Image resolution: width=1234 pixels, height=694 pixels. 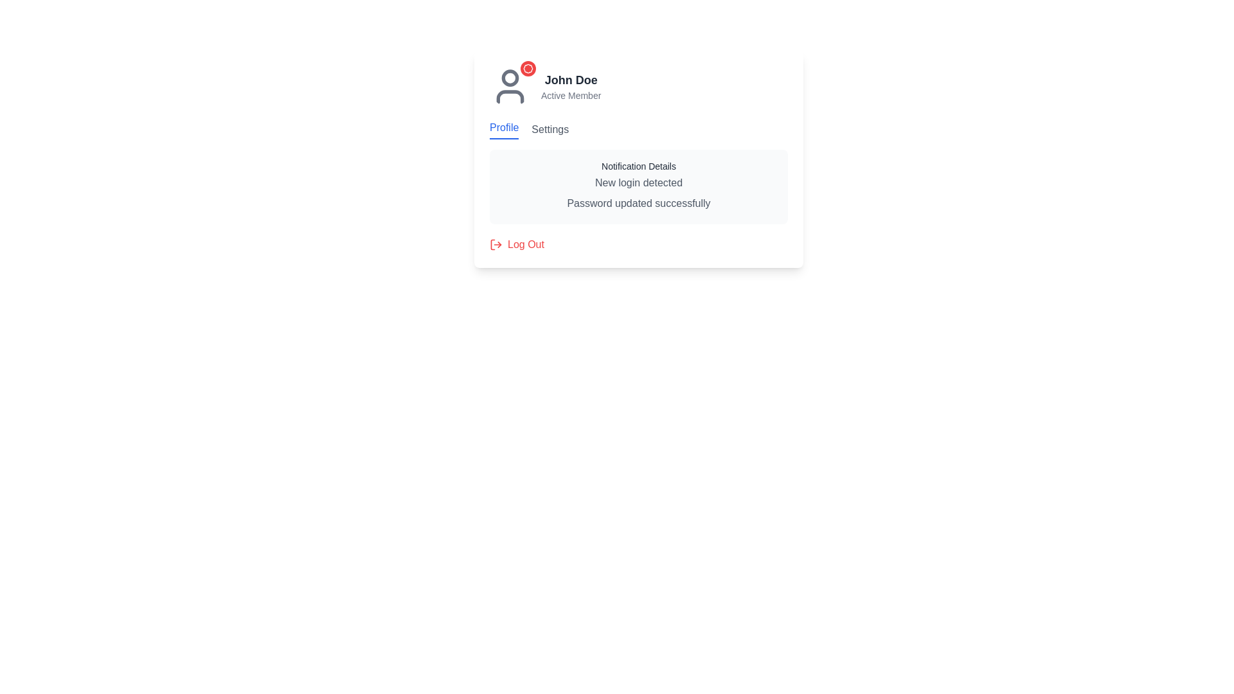 I want to click on the user profile summary block displaying 'John Doe' and 'Active Member', so click(x=638, y=87).